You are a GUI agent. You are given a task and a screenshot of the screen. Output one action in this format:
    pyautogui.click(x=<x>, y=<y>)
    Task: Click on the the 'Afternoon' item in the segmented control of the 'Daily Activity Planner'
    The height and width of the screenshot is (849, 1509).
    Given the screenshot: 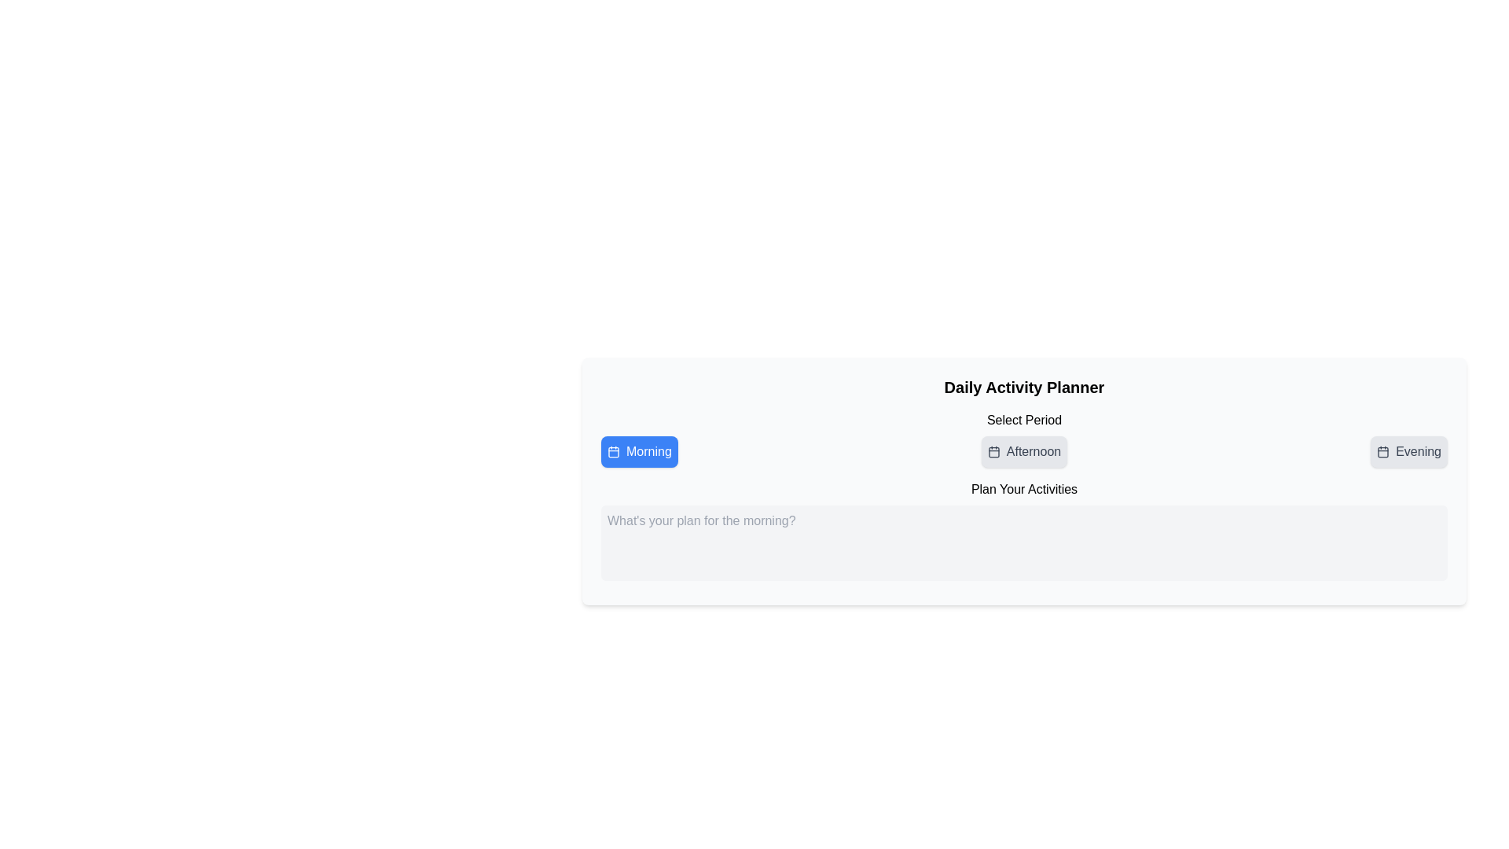 What is the action you would take?
    pyautogui.click(x=1024, y=439)
    